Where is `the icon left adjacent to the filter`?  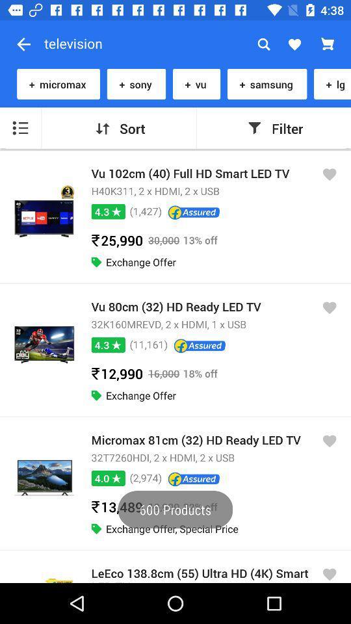 the icon left adjacent to the filter is located at coordinates (254, 128).